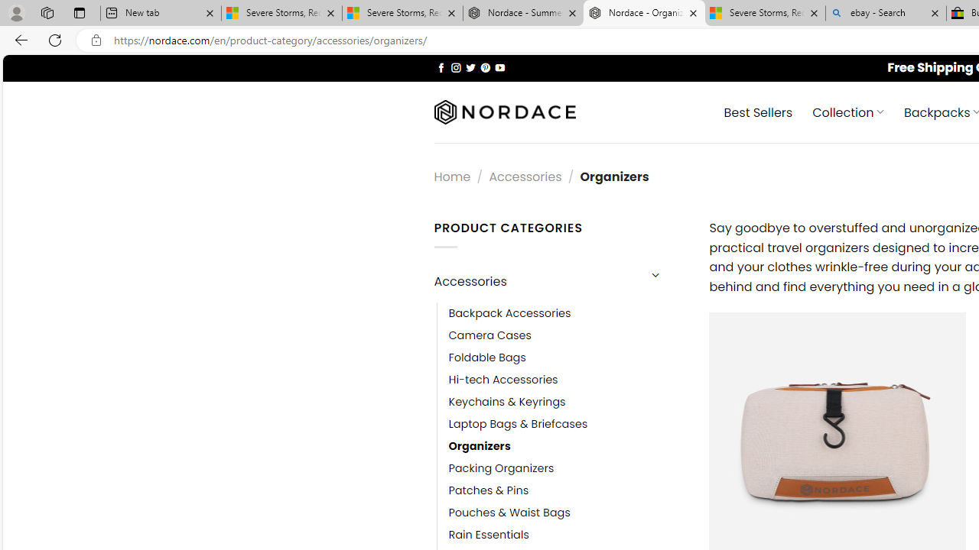  What do you see at coordinates (509, 513) in the screenshot?
I see `'Pouches & Waist Bags'` at bounding box center [509, 513].